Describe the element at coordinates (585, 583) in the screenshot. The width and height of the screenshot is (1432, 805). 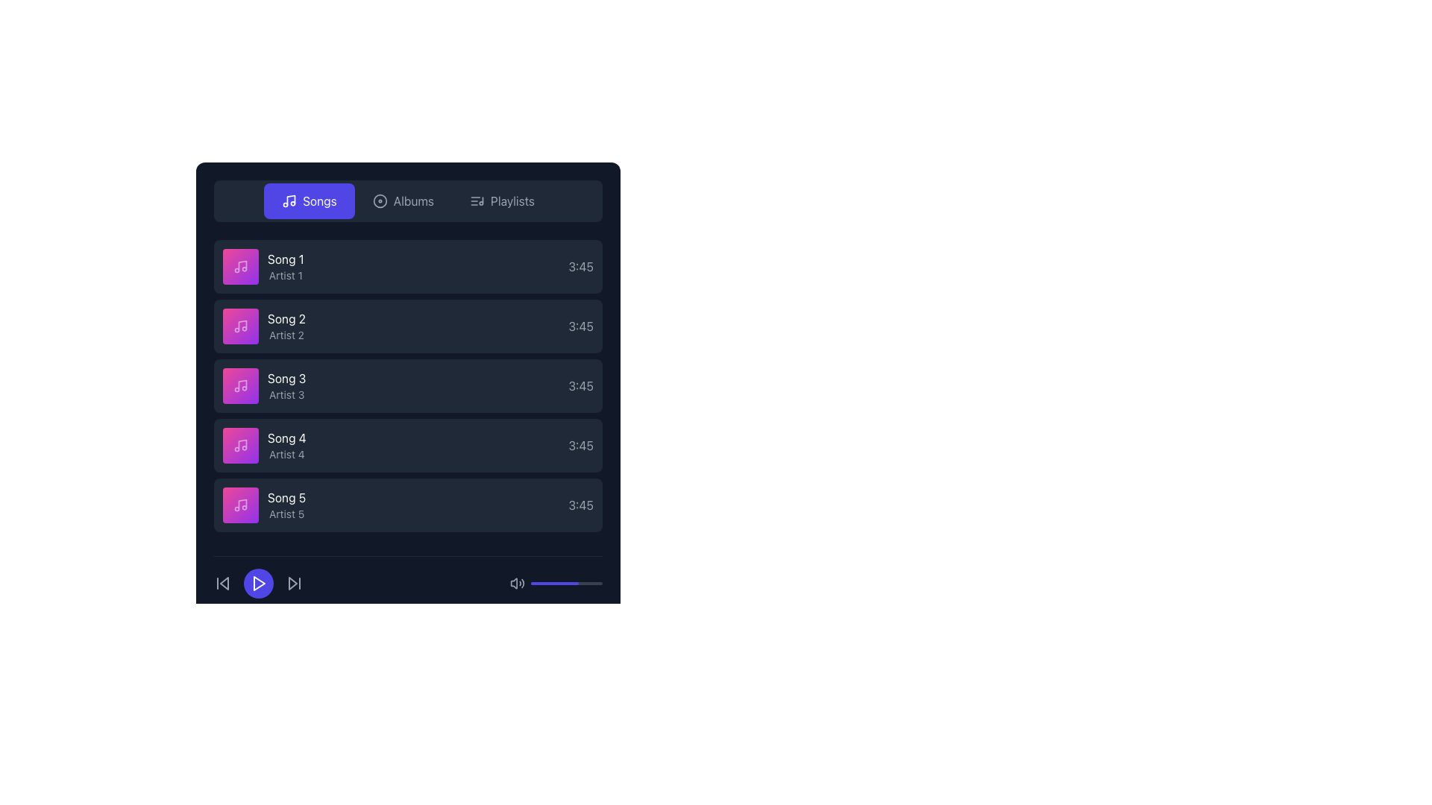
I see `the volume slider` at that location.